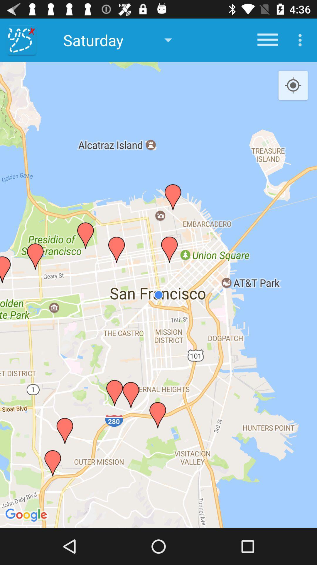 Image resolution: width=317 pixels, height=565 pixels. I want to click on the item to the left of saturday icon, so click(21, 40).